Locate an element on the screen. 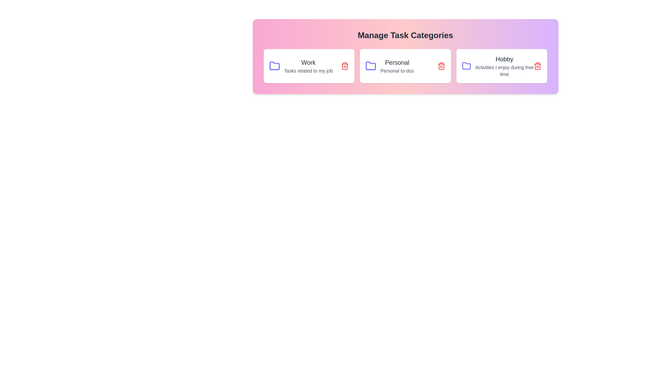 This screenshot has width=655, height=368. the category card labeled 'Hobby' to observe hover effects is located at coordinates (502, 66).